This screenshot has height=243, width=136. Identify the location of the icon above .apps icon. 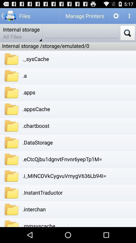
(24, 75).